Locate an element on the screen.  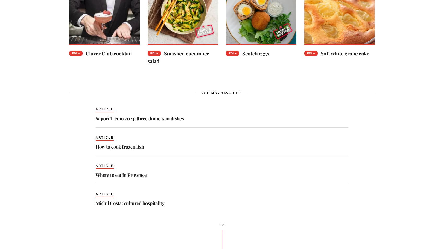
'Scotch eggs' is located at coordinates (255, 53).